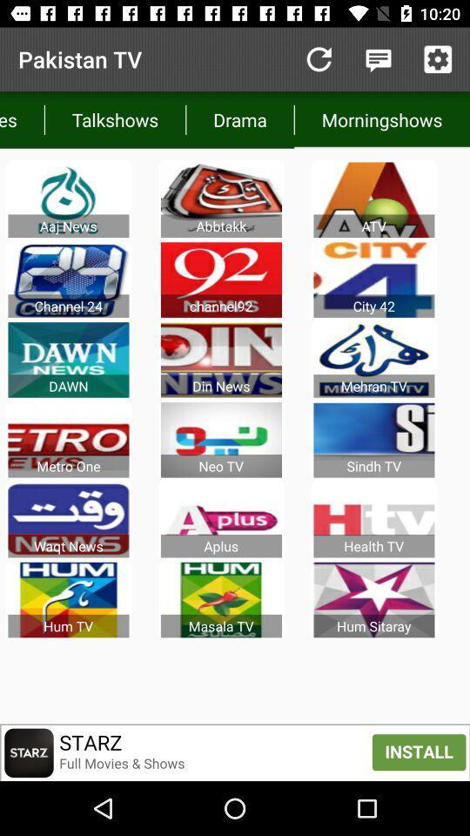  I want to click on reloade, so click(318, 59).